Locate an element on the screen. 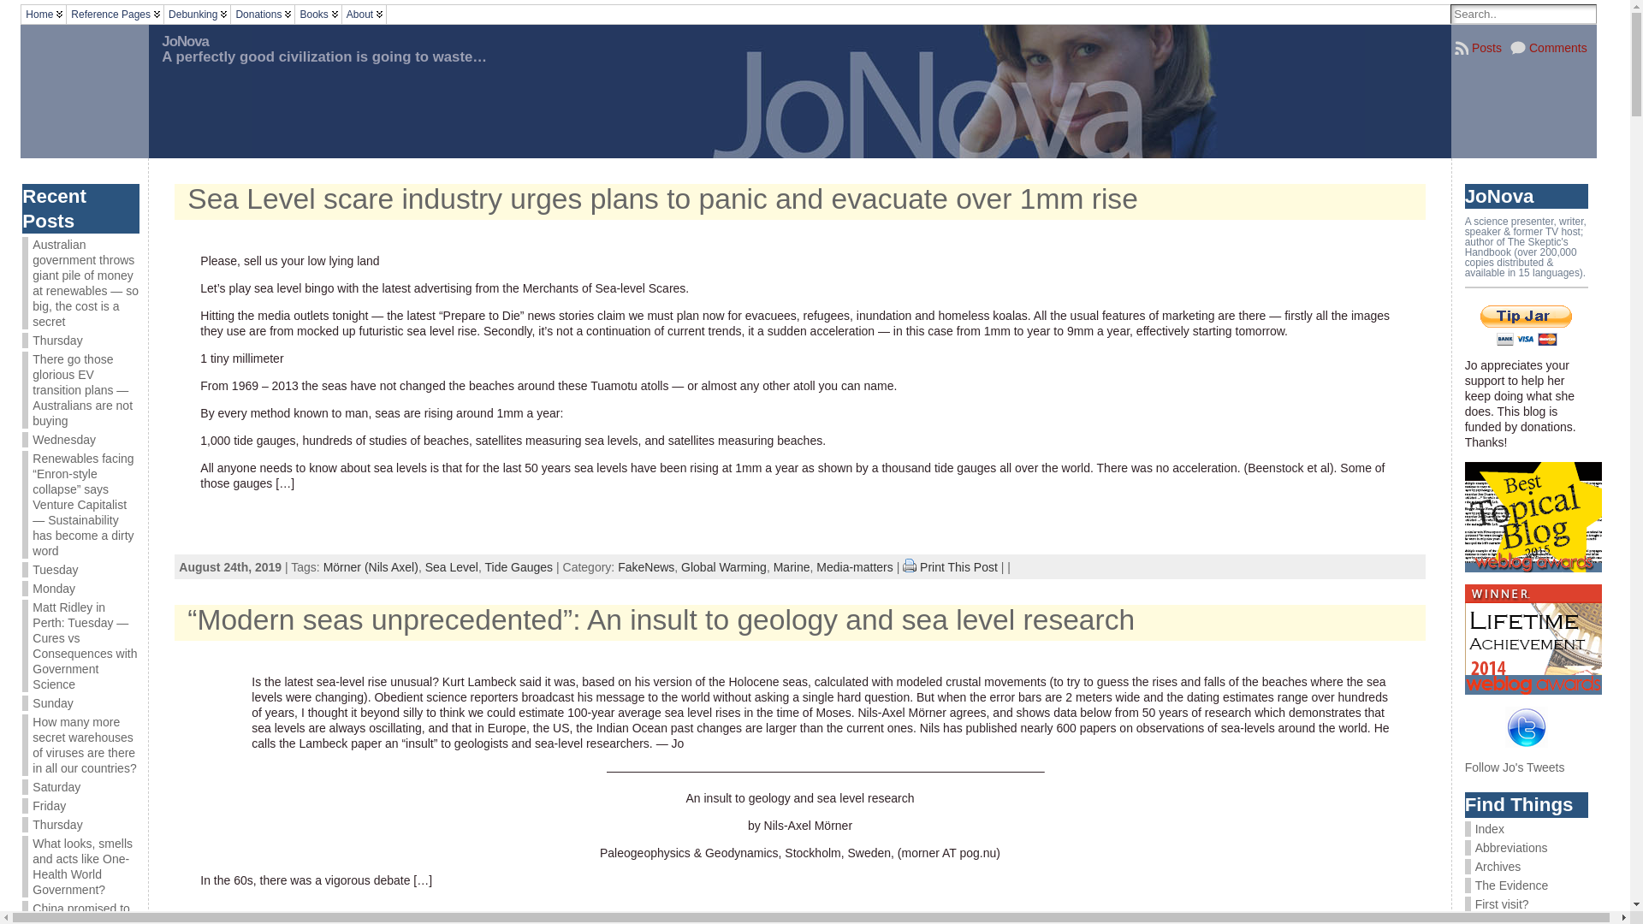  'Print This Post' is located at coordinates (908, 565).